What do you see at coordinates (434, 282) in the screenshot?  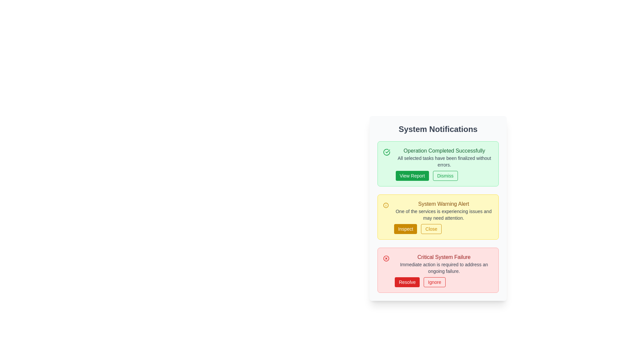 I see `the 'Ignore' button, which is the second button in the 'Critical System Failure' alert notification panel, located at the bottom of the 'System Notifications' section` at bounding box center [434, 282].